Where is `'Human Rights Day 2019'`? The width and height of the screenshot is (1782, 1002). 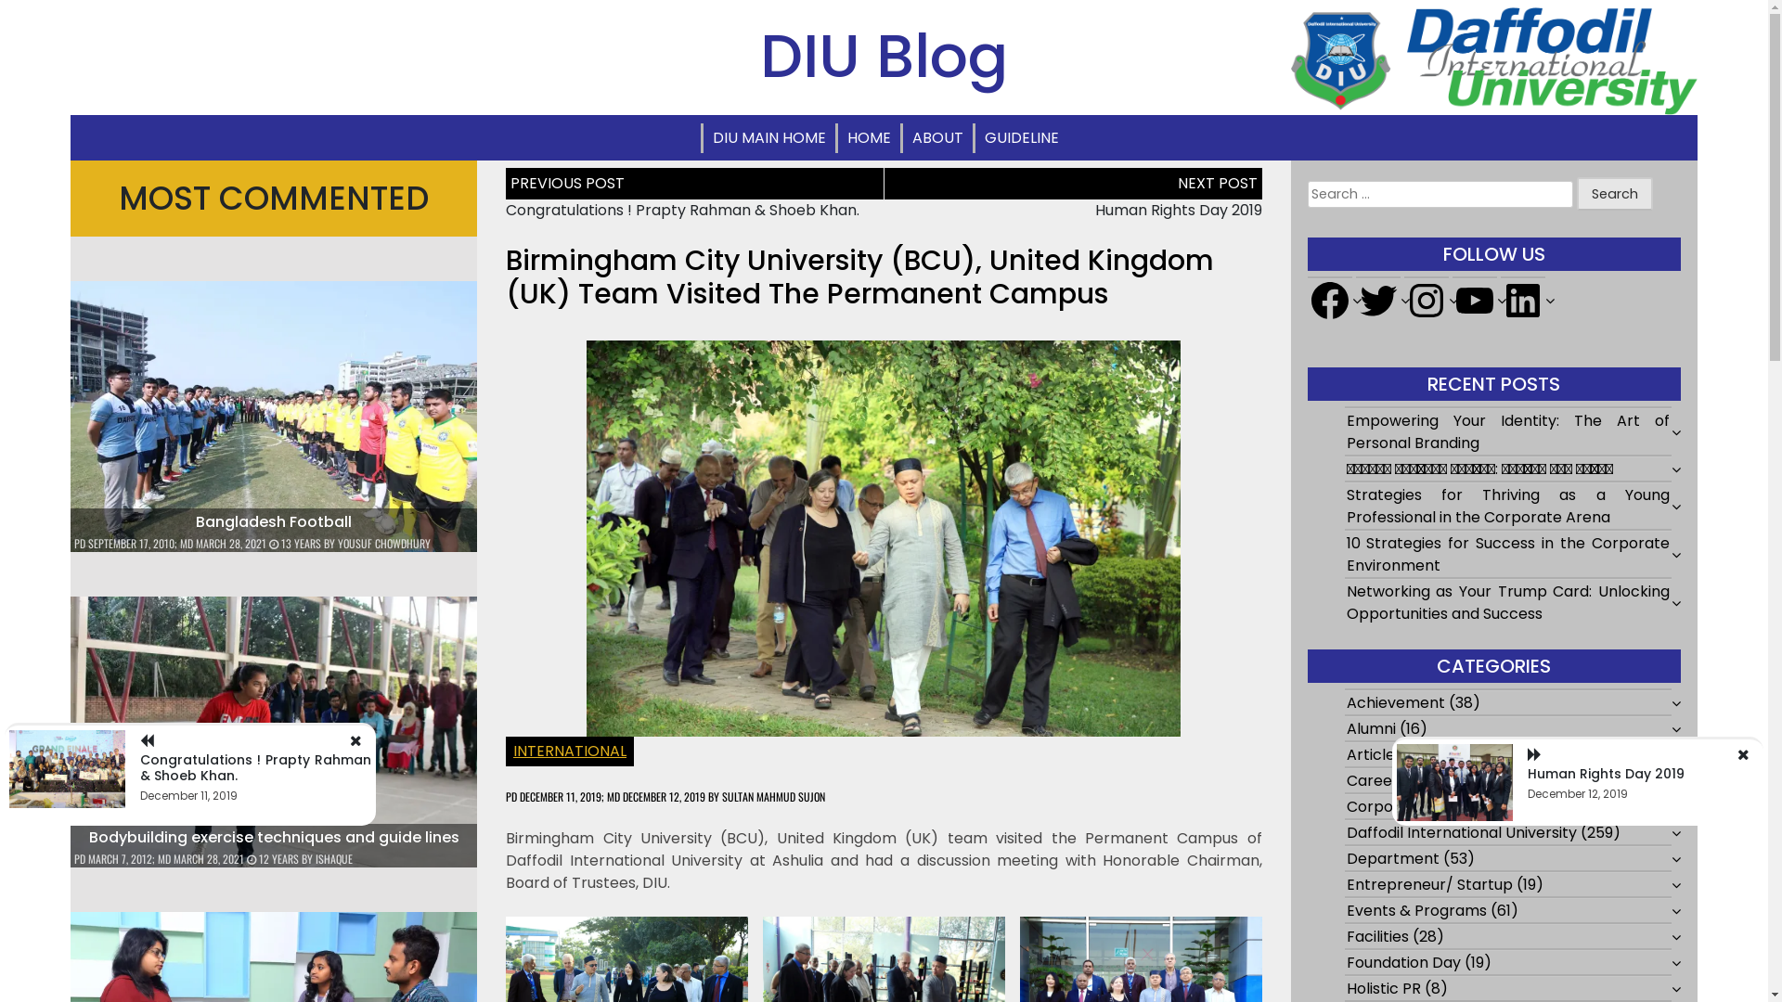 'Human Rights Day 2019' is located at coordinates (1178, 209).